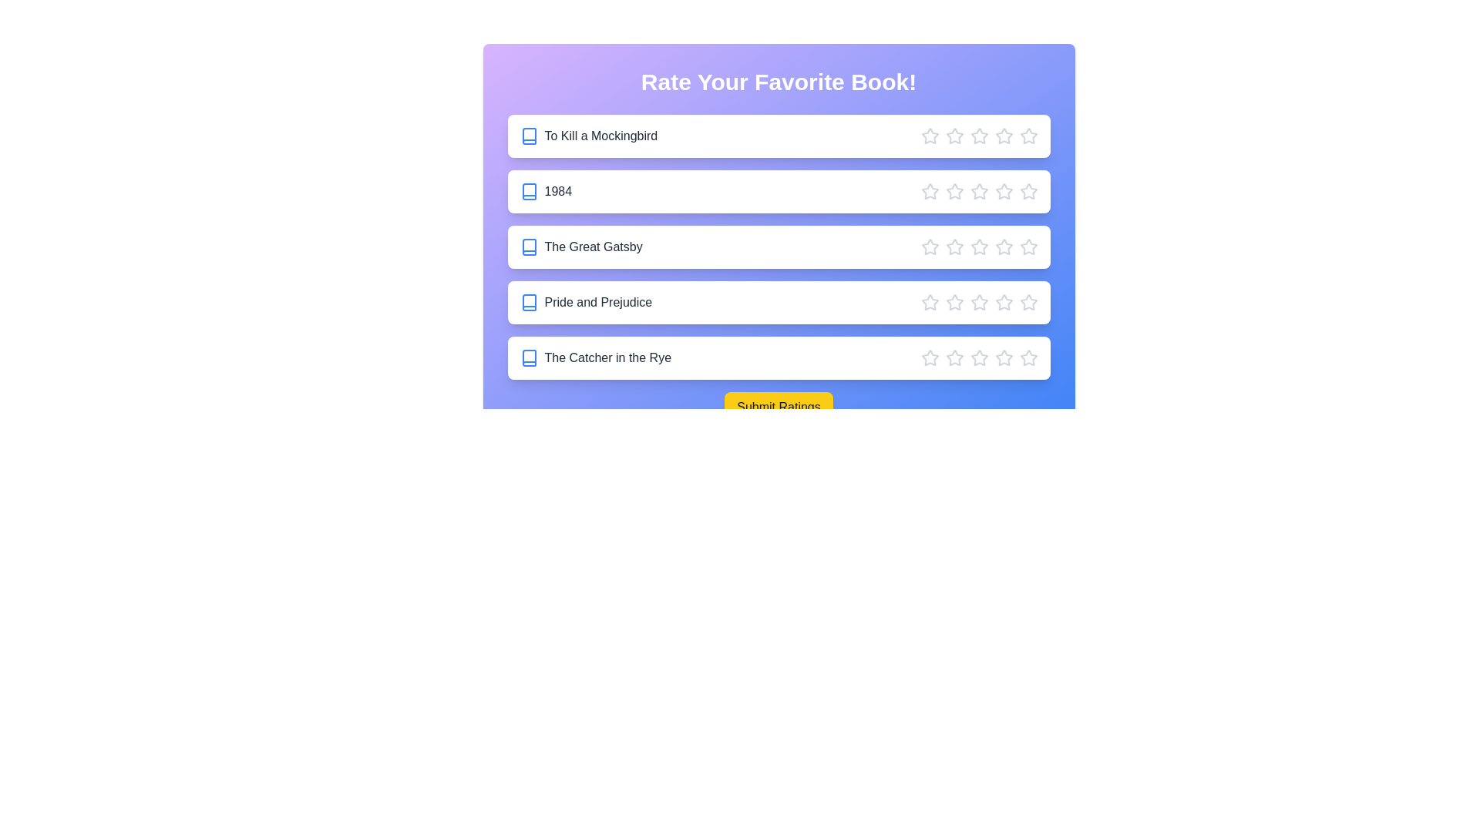 This screenshot has height=832, width=1480. I want to click on the star corresponding to 1 stars for the book The Catcher in the Rye, so click(929, 358).